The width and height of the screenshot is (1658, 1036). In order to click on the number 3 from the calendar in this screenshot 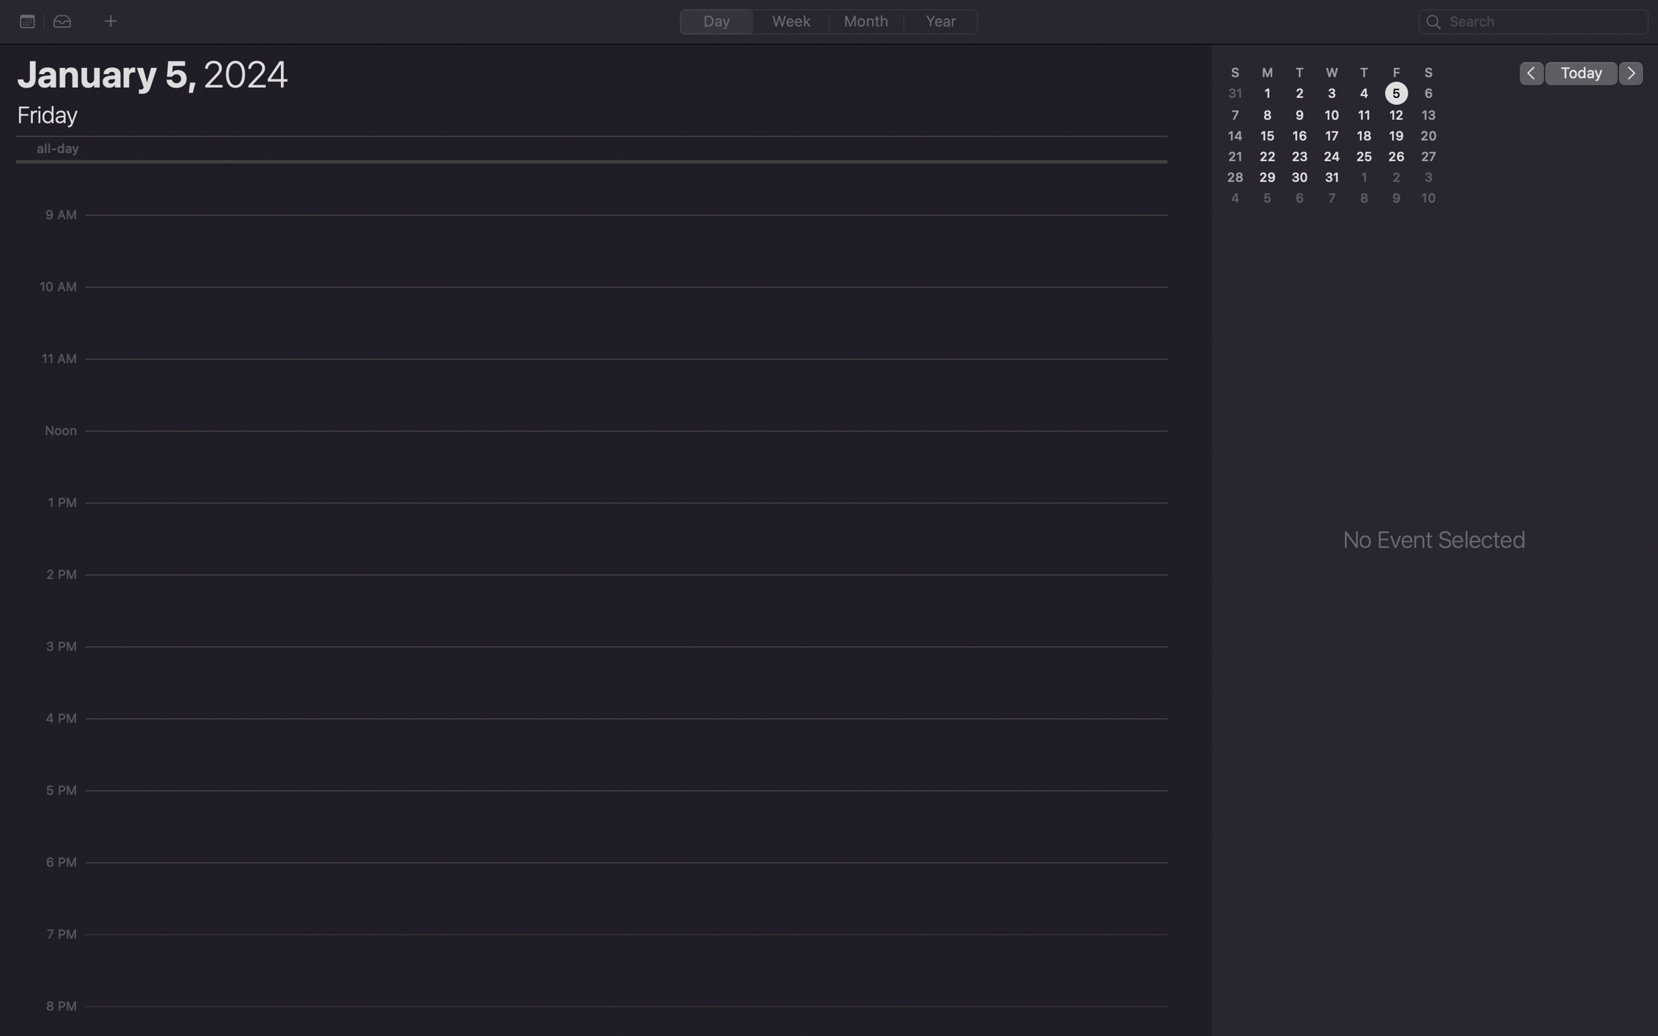, I will do `click(1331, 92)`.